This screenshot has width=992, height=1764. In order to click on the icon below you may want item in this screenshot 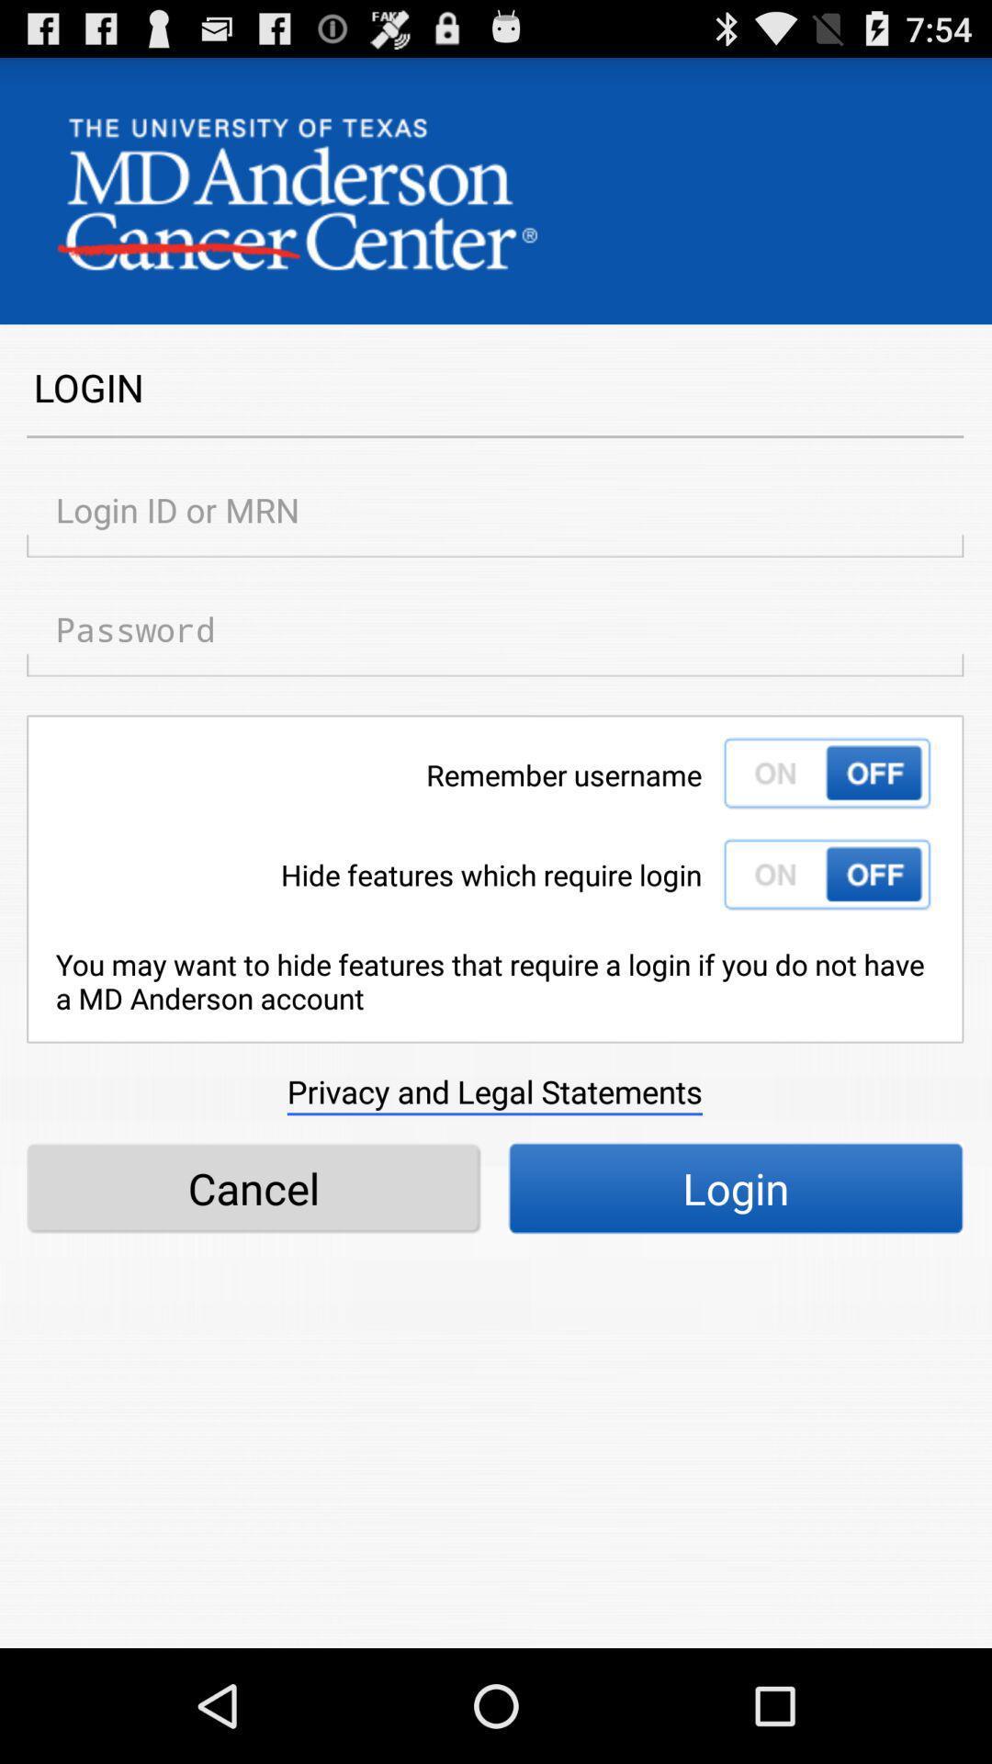, I will do `click(493, 1091)`.